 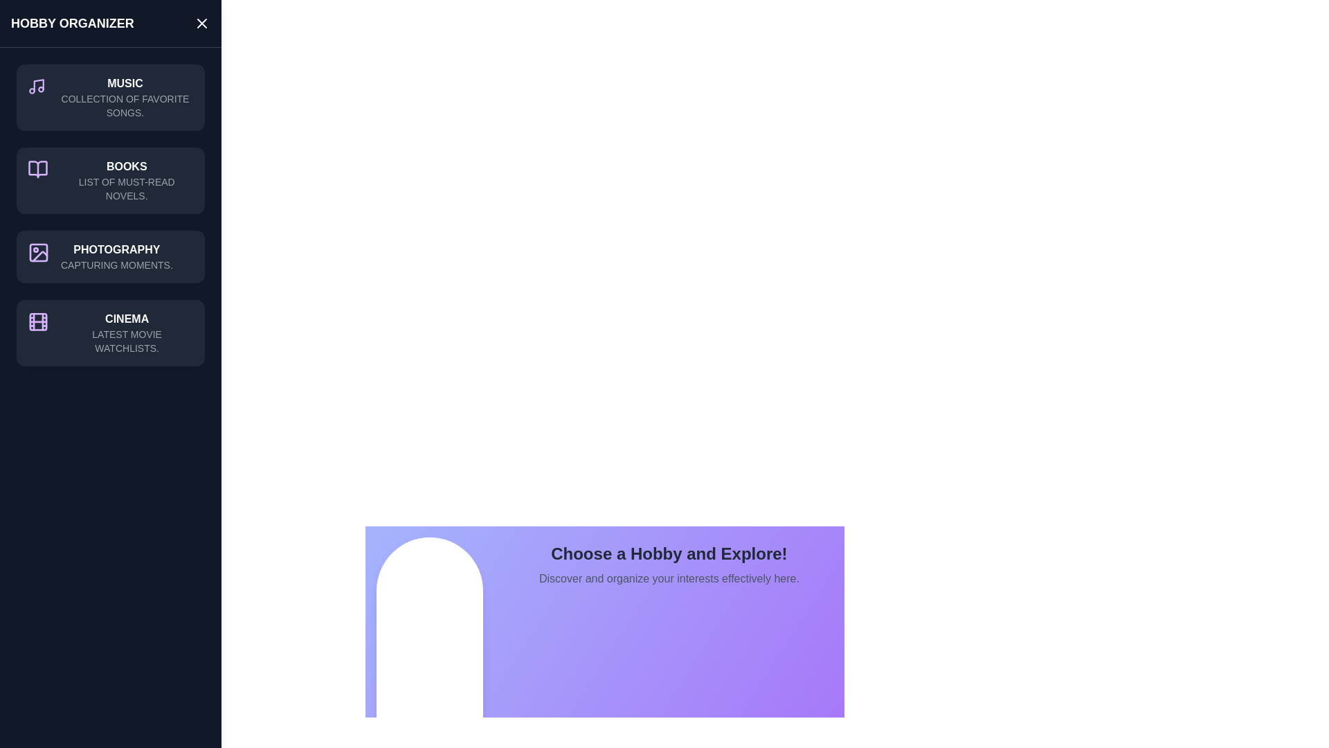 What do you see at coordinates (109, 256) in the screenshot?
I see `the Photography hobby category in the list` at bounding box center [109, 256].